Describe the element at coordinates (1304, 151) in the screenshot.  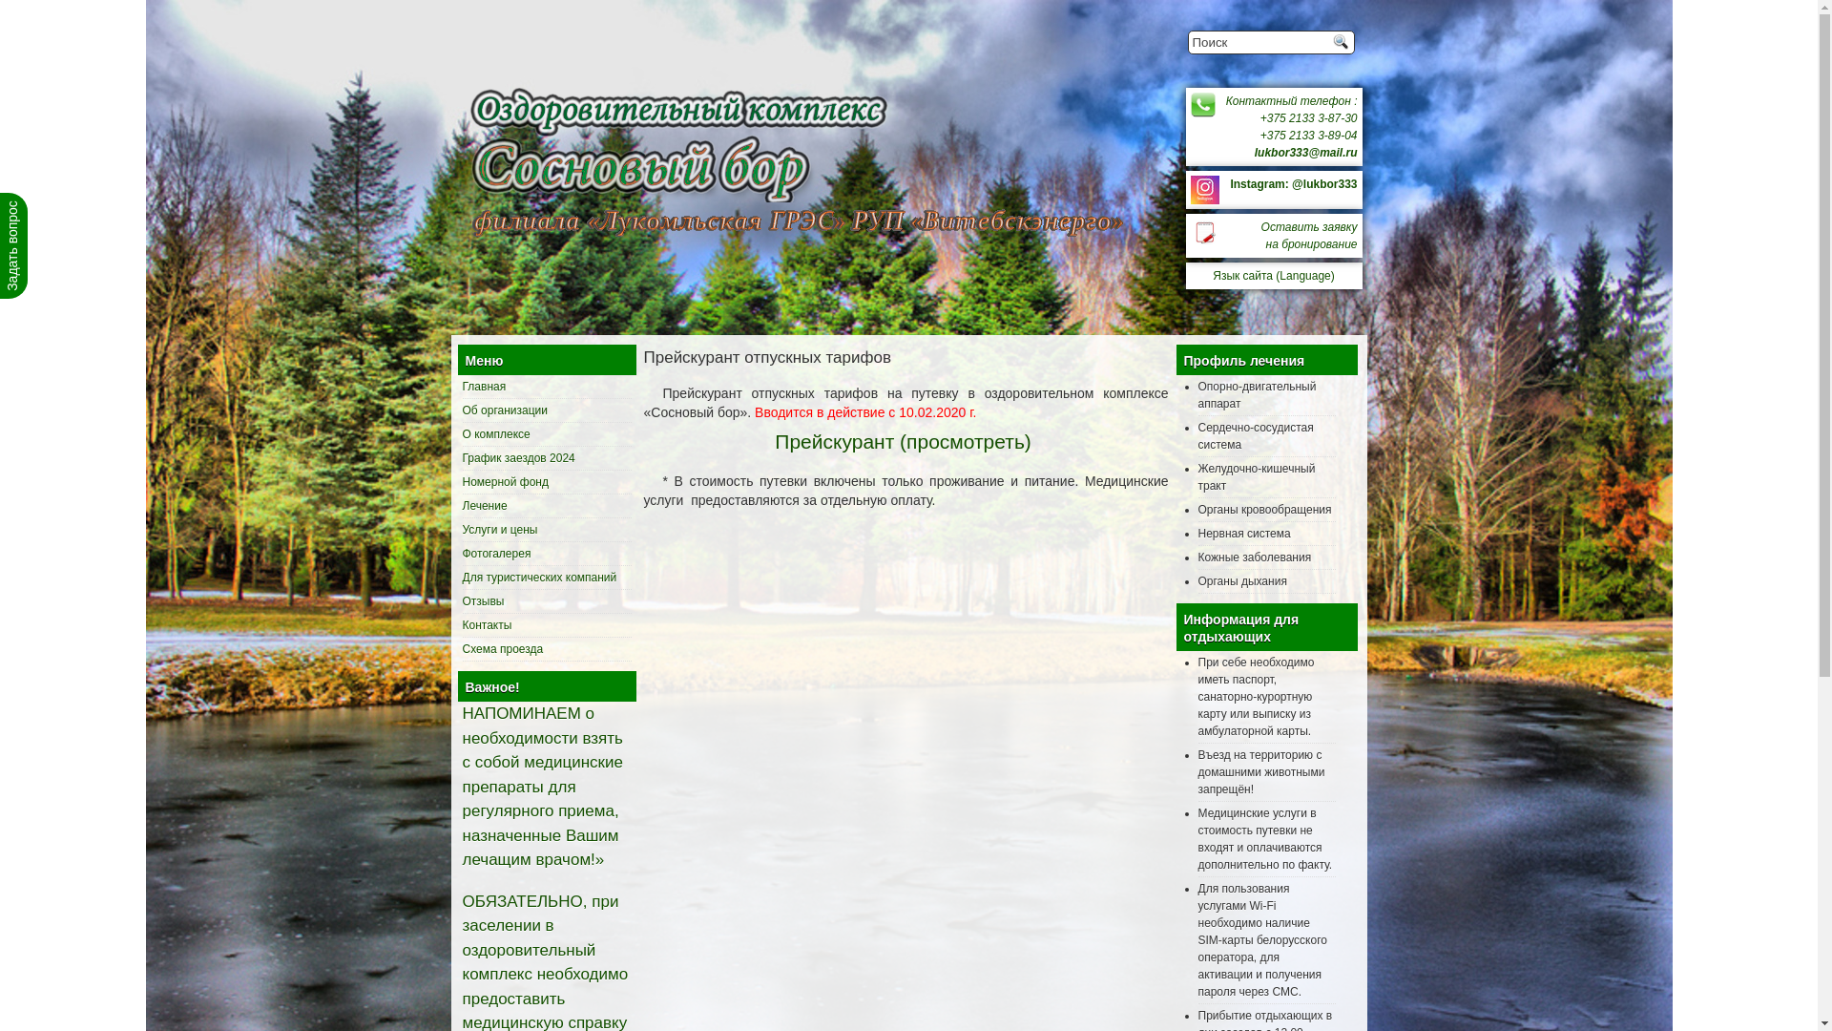
I see `'lukbor333@mail.ru'` at that location.